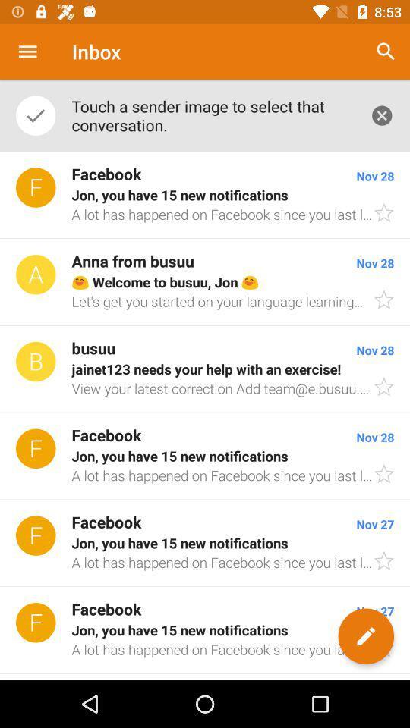 The image size is (410, 728). I want to click on app below the inbox item, so click(212, 115).